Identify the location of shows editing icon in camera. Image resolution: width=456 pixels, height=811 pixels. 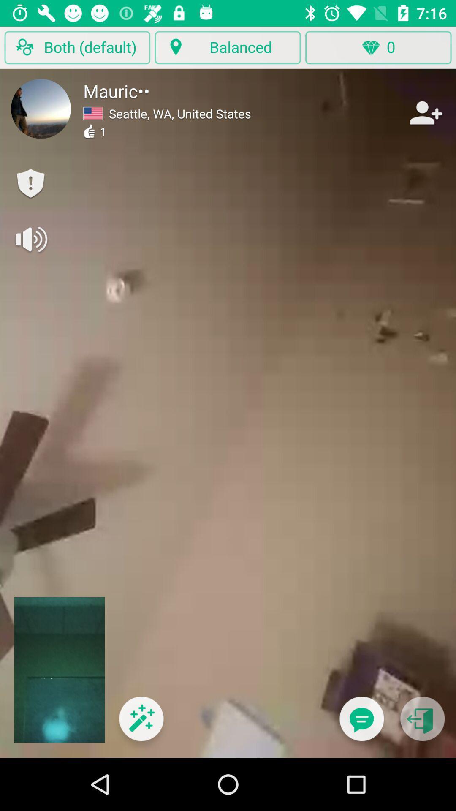
(141, 724).